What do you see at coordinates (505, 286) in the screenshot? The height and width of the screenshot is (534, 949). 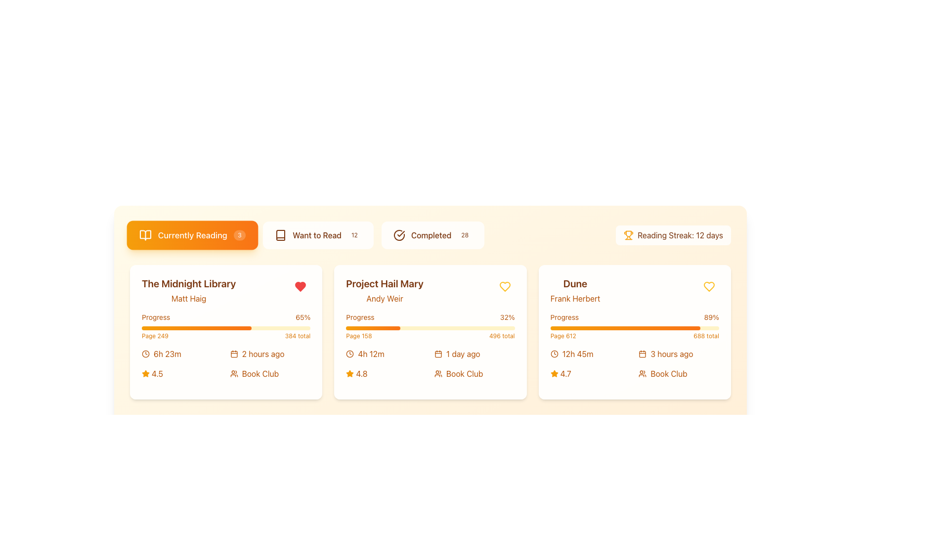 I see `the heart-shaped icon in the top-right corner of the 'Dune' book card to mark it as a favorite` at bounding box center [505, 286].